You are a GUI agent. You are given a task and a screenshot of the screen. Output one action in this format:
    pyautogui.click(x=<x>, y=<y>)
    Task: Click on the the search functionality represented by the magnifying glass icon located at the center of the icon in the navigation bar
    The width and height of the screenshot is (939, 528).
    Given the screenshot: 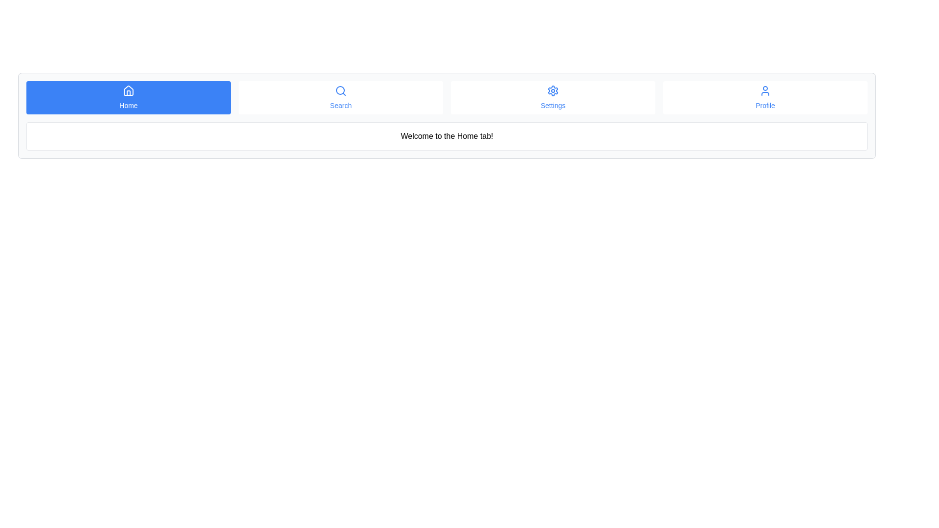 What is the action you would take?
    pyautogui.click(x=340, y=90)
    